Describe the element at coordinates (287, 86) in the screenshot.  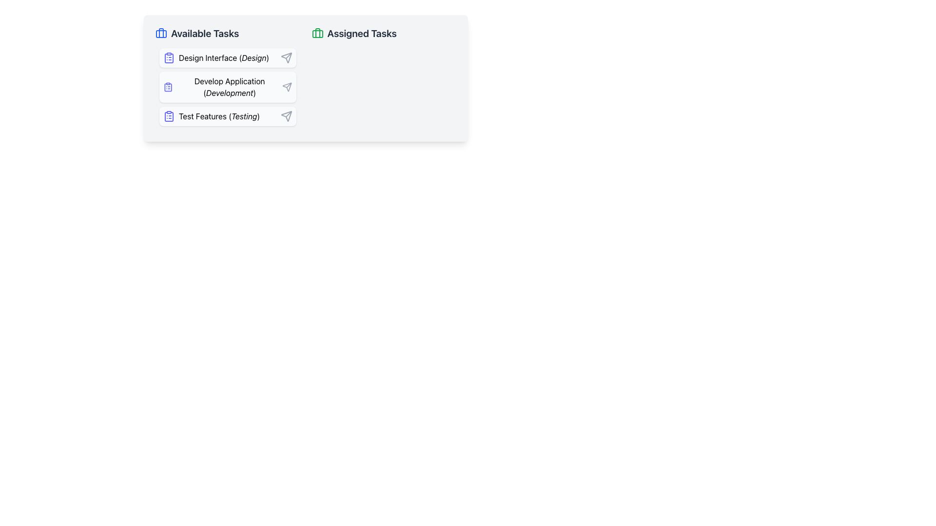
I see `the icon located in the 'Available Tasks' section, specifically to the right of the 'Develop Application' task label` at that location.